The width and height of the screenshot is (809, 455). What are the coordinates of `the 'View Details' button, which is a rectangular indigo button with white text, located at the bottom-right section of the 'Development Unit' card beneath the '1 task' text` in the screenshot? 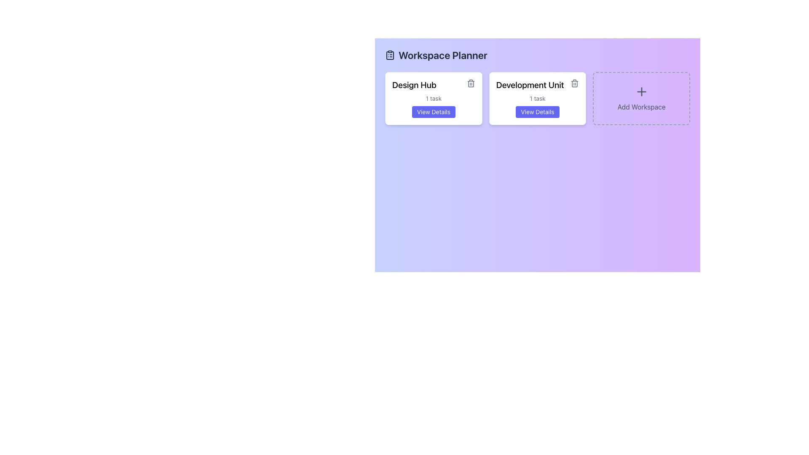 It's located at (537, 112).